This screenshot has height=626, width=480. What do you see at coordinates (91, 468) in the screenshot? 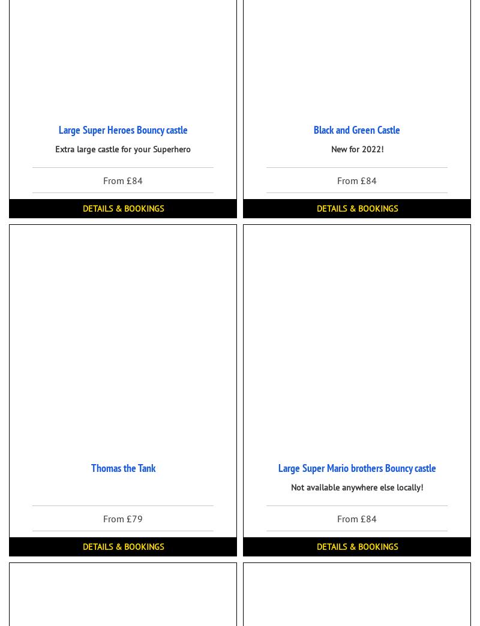
I see `'Thomas the Tank'` at bounding box center [91, 468].